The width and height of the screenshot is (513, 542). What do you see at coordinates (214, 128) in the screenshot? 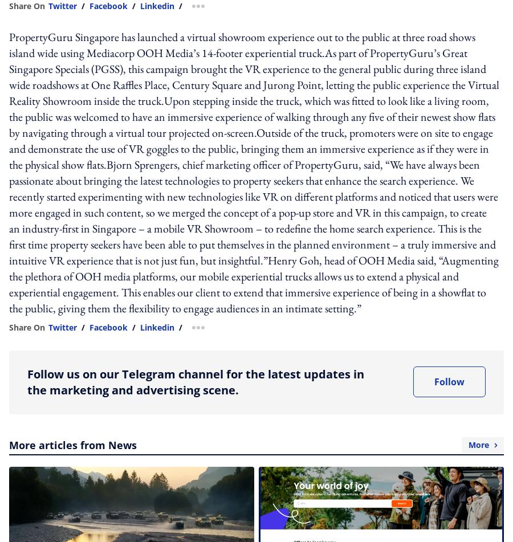
I see `'mob-ex awards'` at bounding box center [214, 128].